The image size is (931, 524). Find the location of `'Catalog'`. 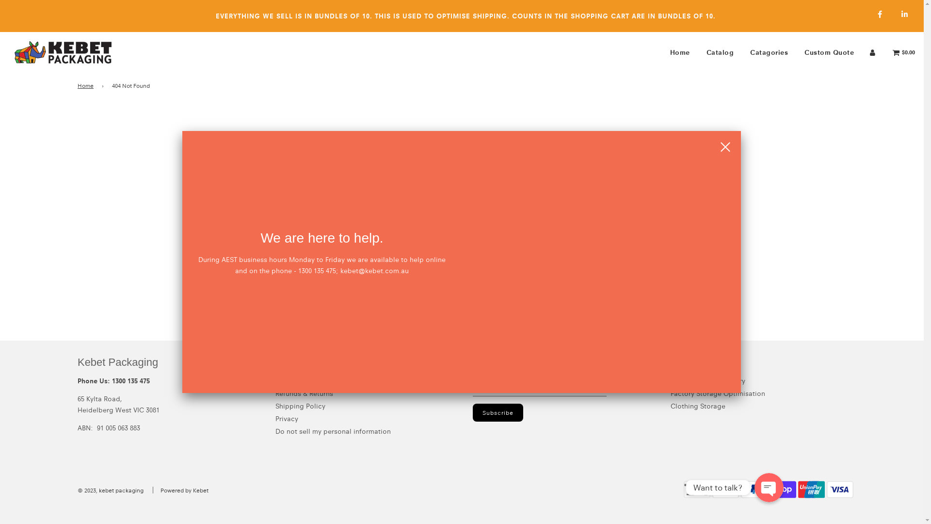

'Catalog' is located at coordinates (699, 52).